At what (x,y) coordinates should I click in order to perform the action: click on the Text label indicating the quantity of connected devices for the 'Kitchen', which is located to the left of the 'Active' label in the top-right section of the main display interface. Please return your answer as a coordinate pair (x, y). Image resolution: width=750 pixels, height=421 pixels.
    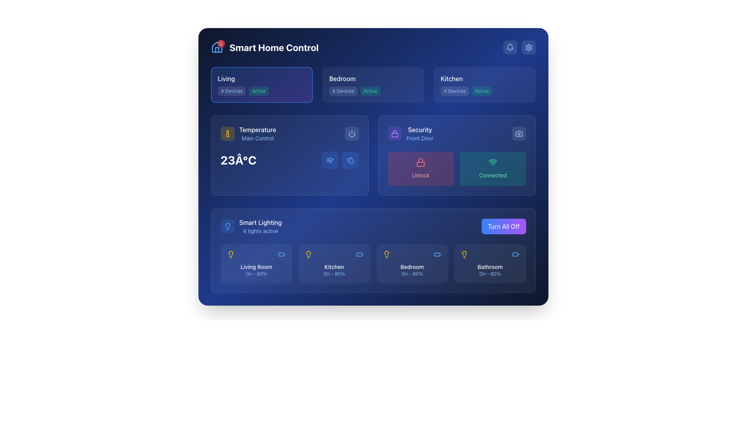
    Looking at the image, I should click on (455, 91).